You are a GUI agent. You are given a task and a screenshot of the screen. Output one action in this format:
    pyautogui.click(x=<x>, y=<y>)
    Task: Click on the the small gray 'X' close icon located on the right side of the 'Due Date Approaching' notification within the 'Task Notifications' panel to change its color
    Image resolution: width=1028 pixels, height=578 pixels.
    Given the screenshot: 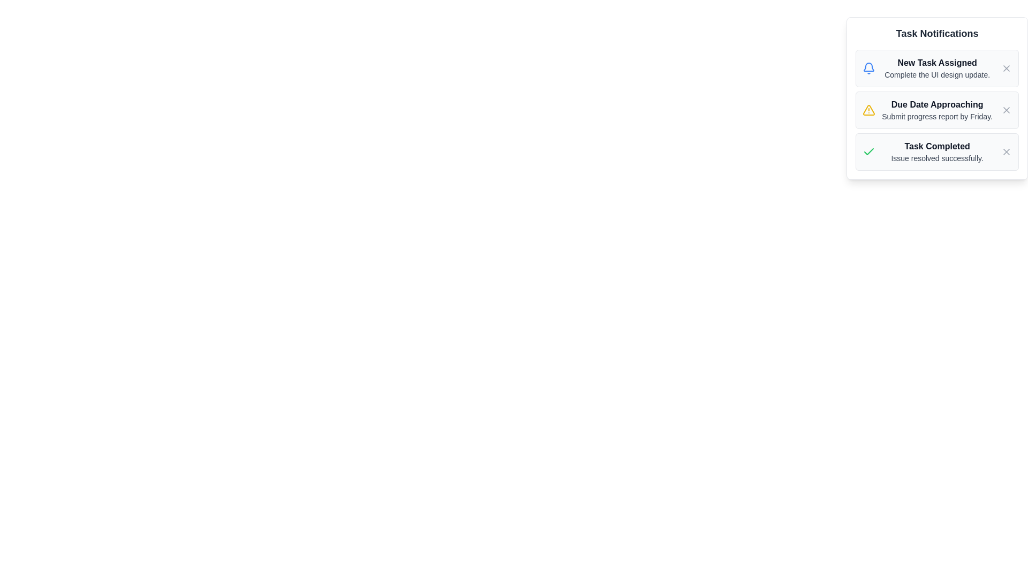 What is the action you would take?
    pyautogui.click(x=1006, y=110)
    